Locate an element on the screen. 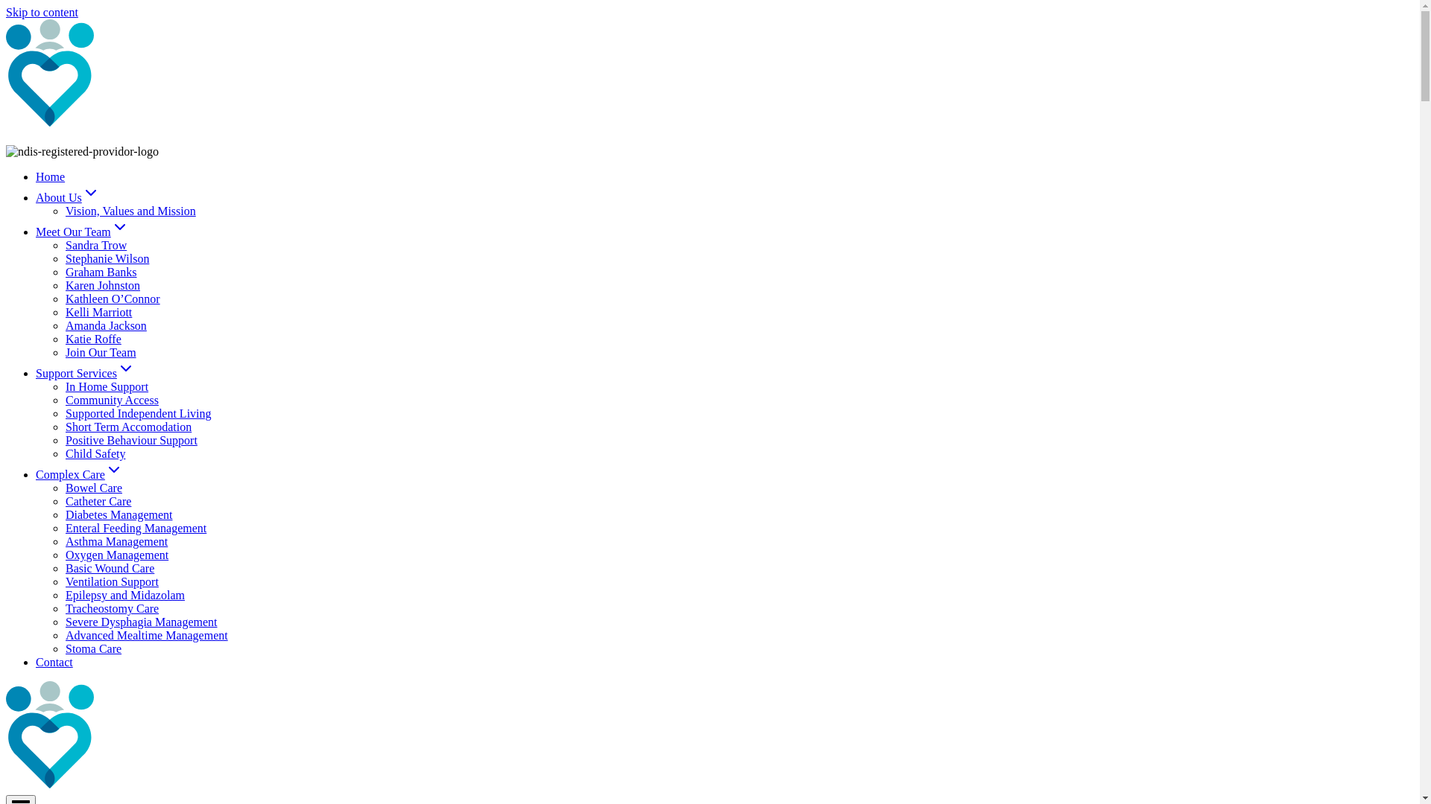 The width and height of the screenshot is (1431, 804). 'Supported Independent Living' is located at coordinates (139, 413).